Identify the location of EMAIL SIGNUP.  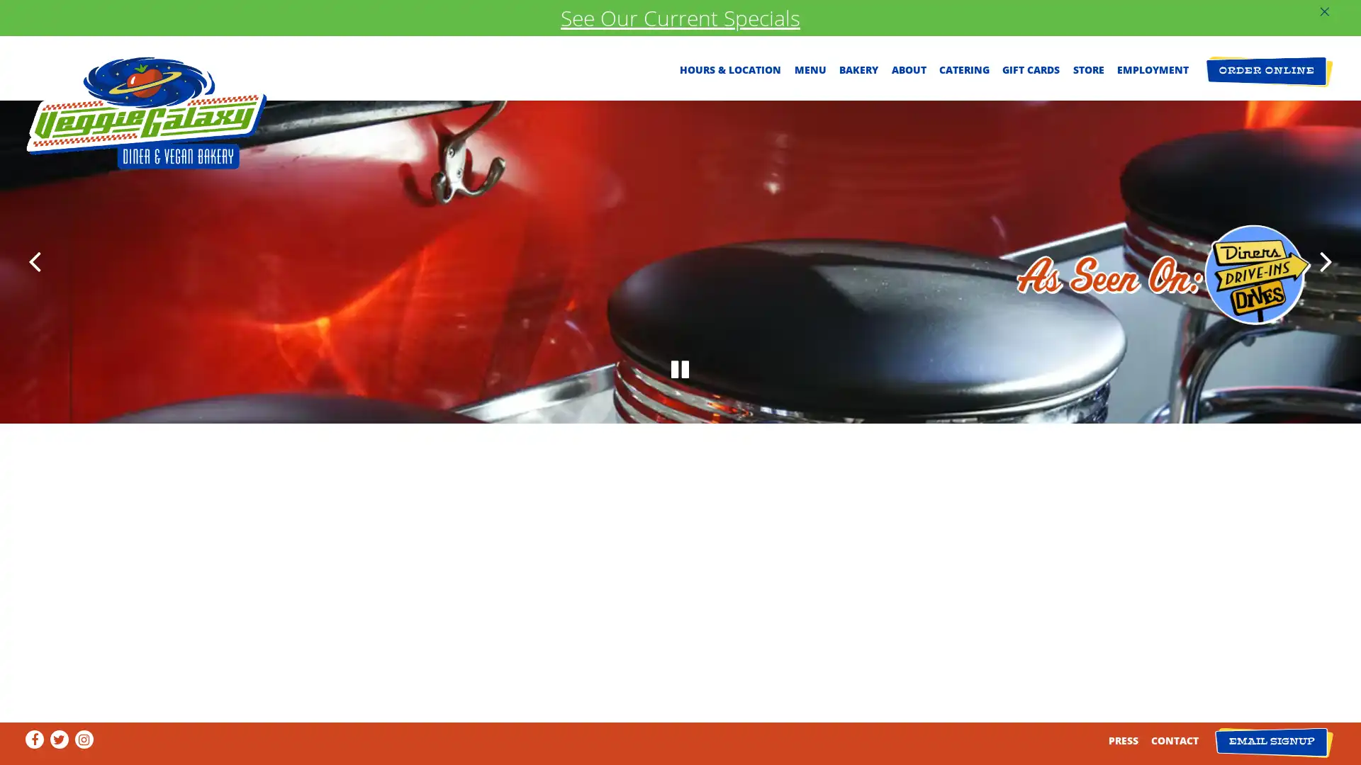
(1273, 742).